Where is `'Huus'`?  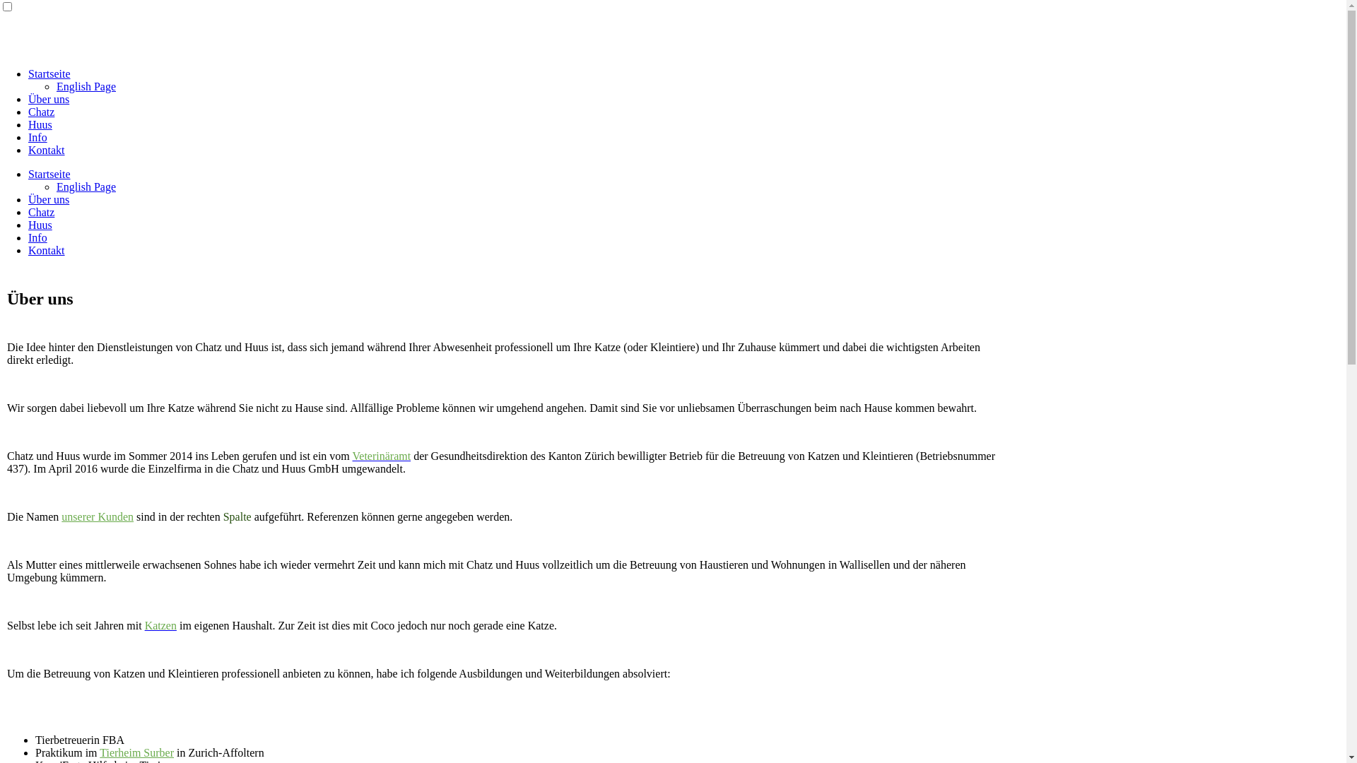 'Huus' is located at coordinates (40, 124).